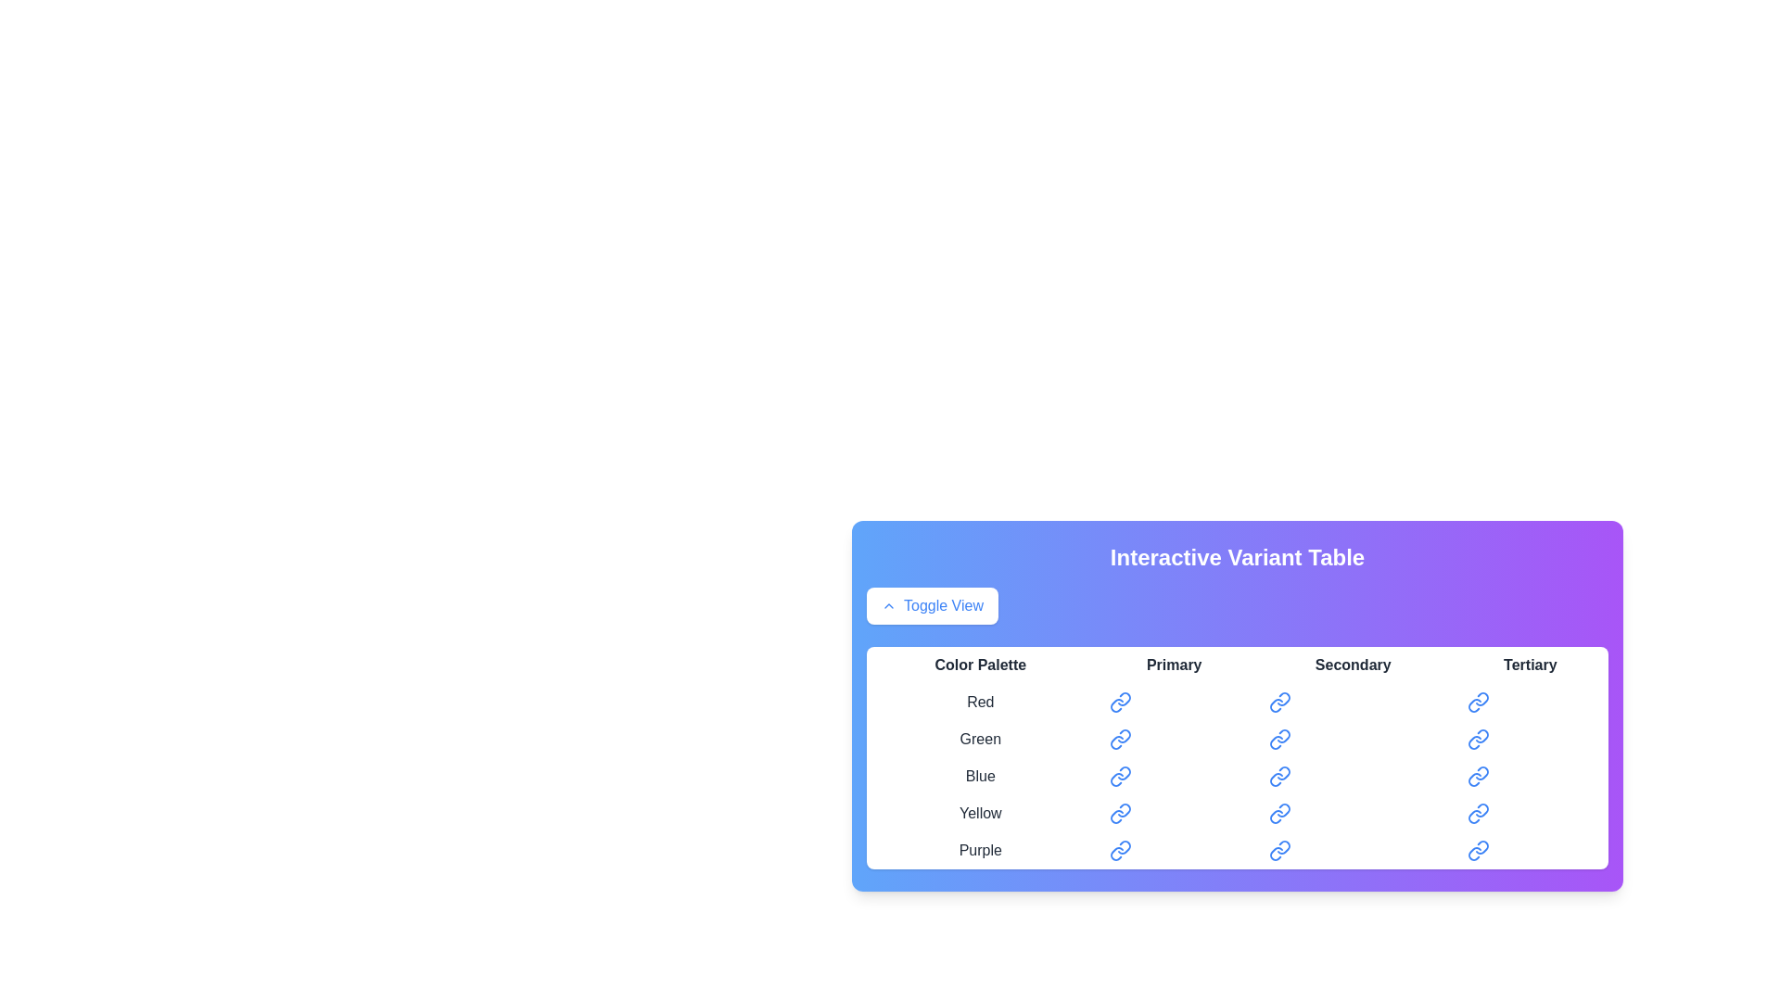 The width and height of the screenshot is (1780, 1001). What do you see at coordinates (1123, 699) in the screenshot?
I see `the blue link icon in the 'Primary' column of the 'Interactive Variant Table' corresponding to the 'Red' row` at bounding box center [1123, 699].